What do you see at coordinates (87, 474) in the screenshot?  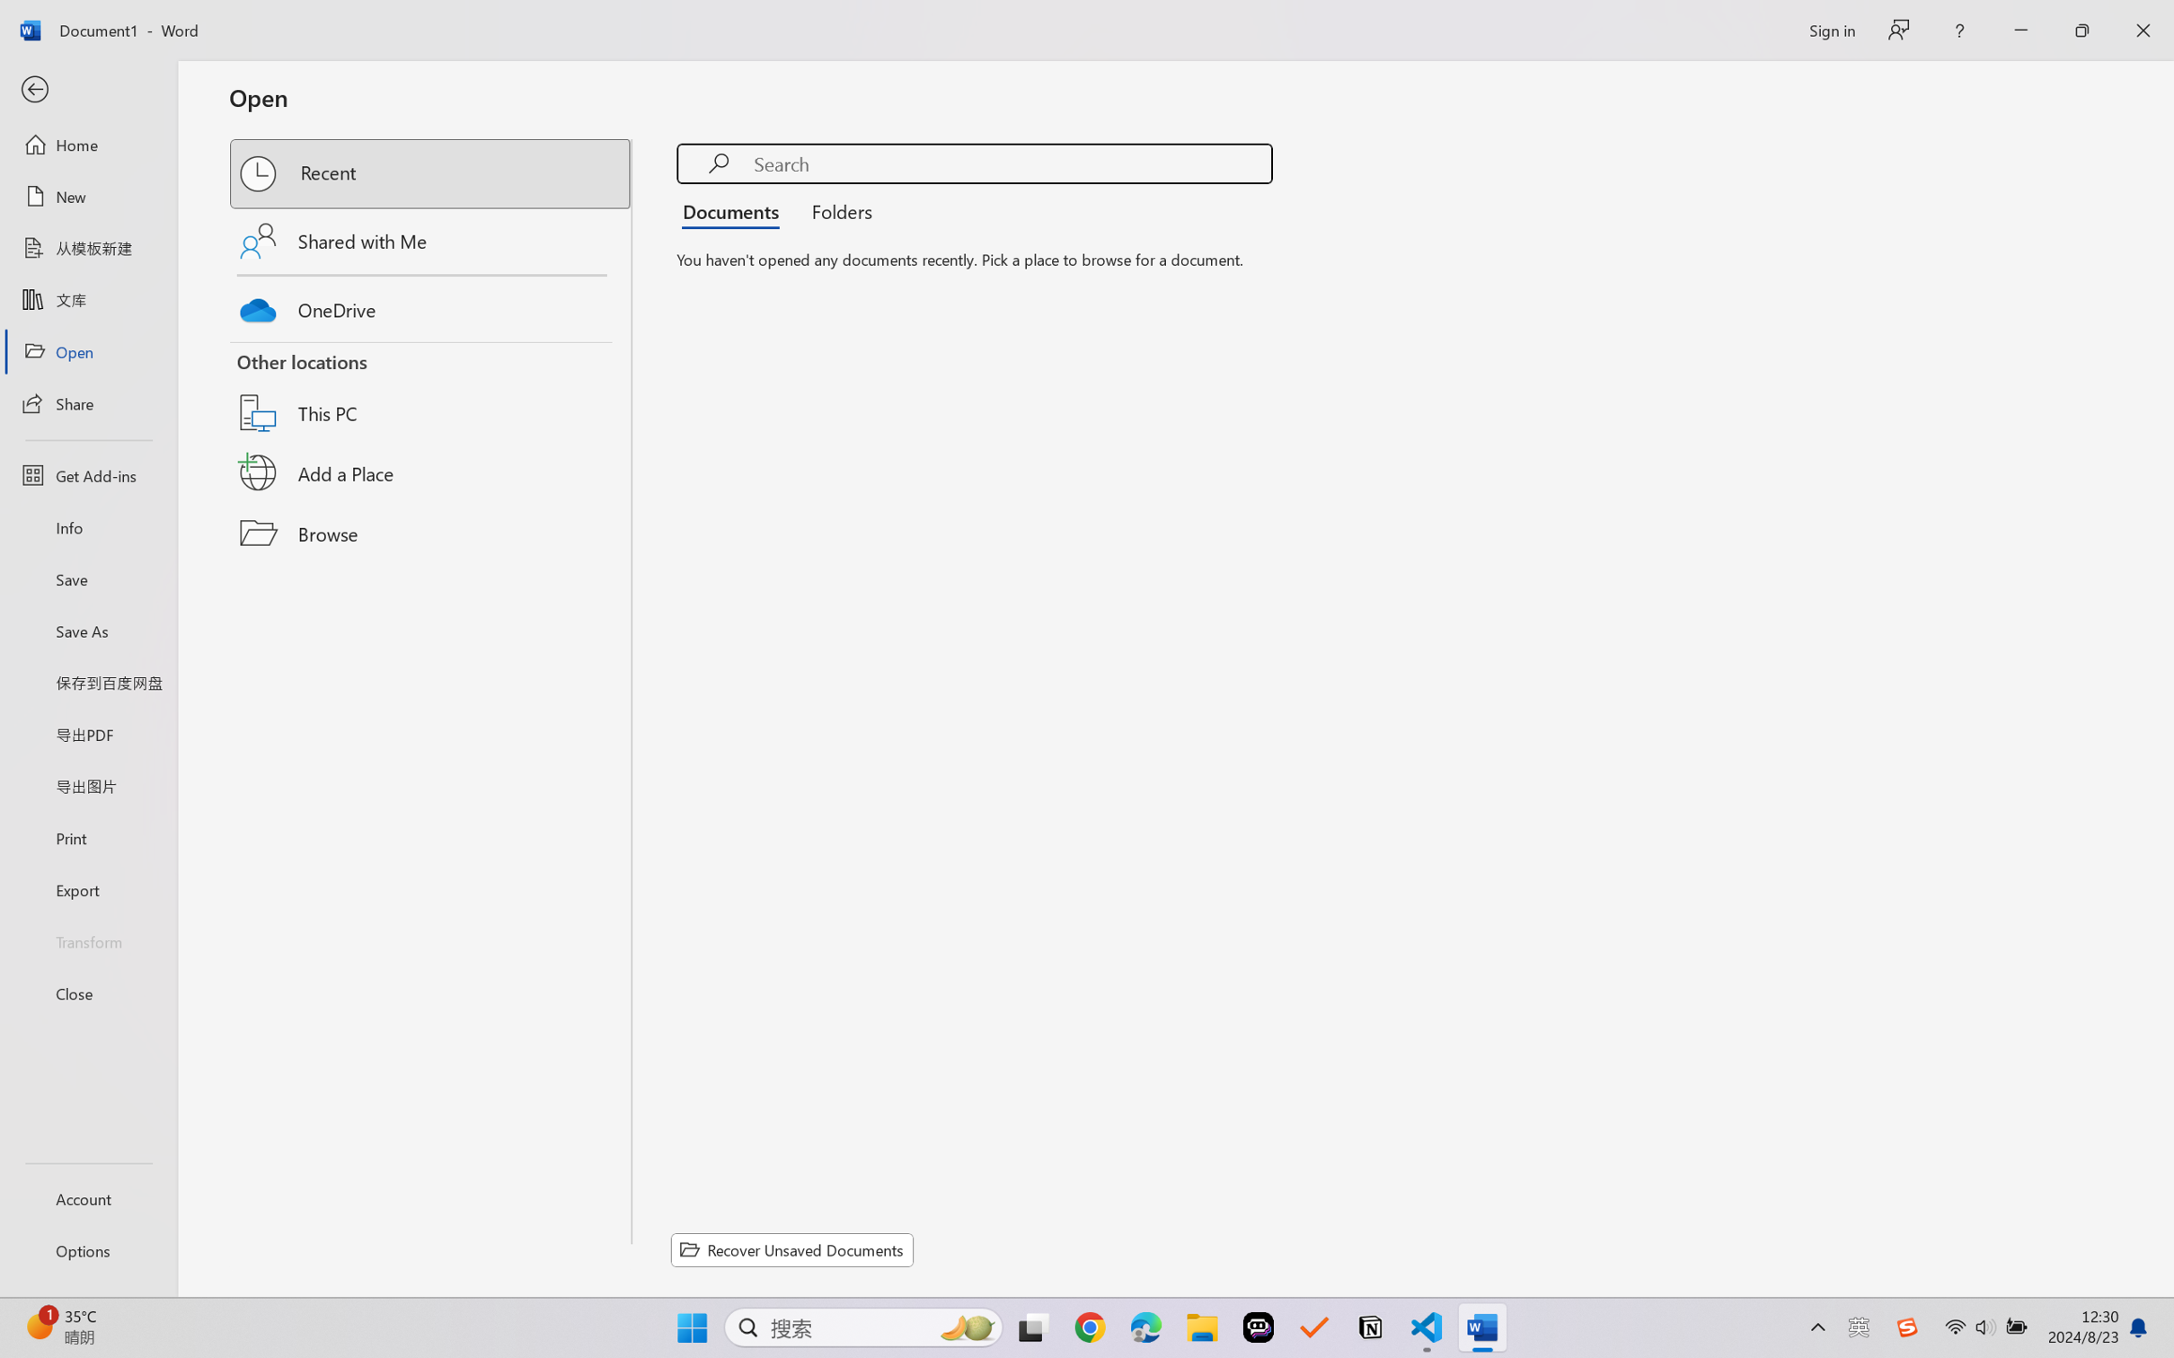 I see `'Get Add-ins'` at bounding box center [87, 474].